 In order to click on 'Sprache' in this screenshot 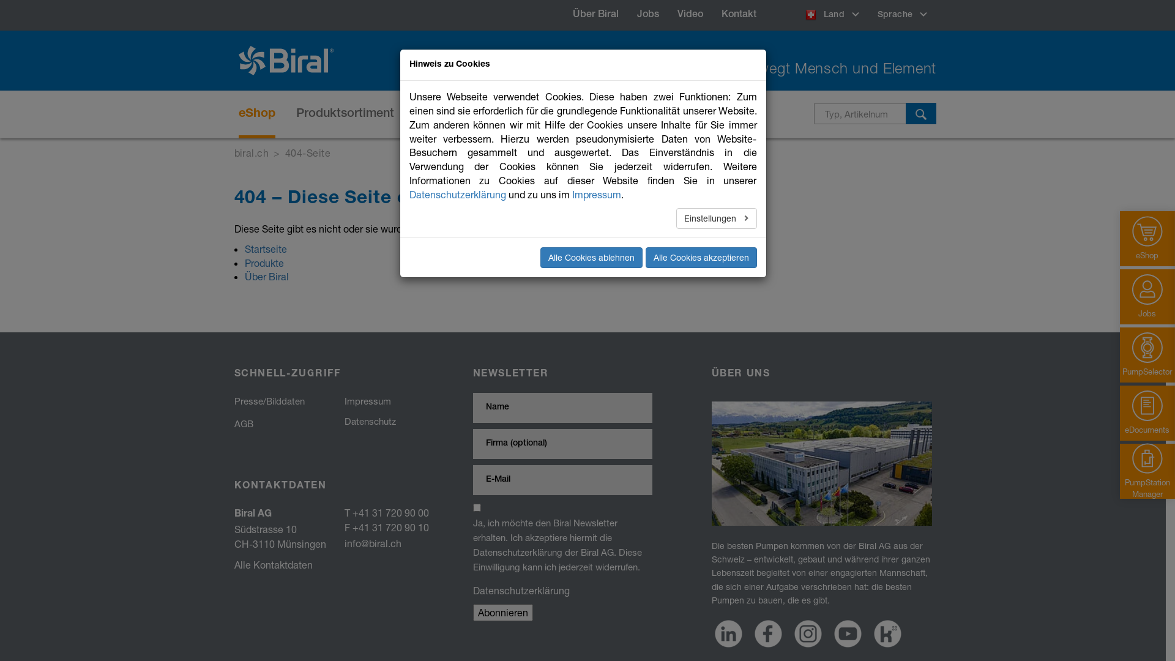, I will do `click(868, 15)`.